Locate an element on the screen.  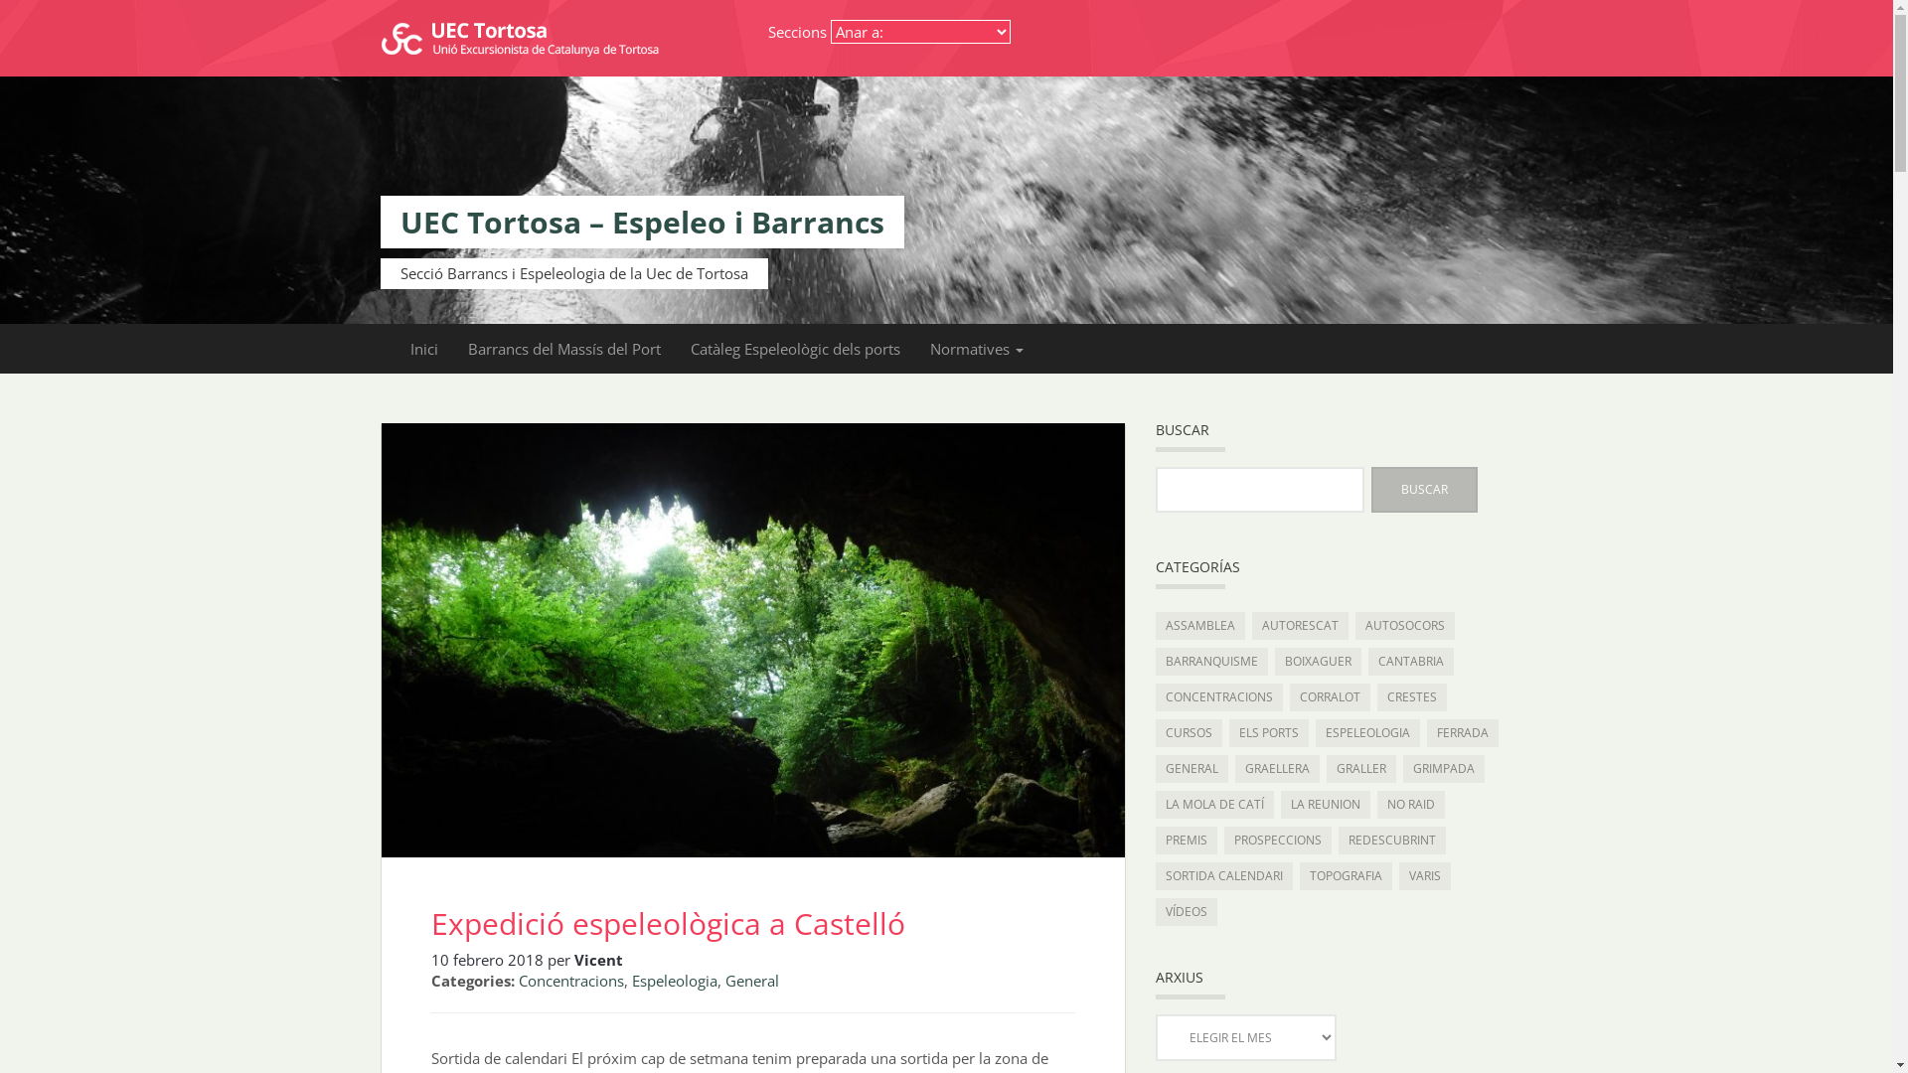
'CURSOS' is located at coordinates (1188, 732).